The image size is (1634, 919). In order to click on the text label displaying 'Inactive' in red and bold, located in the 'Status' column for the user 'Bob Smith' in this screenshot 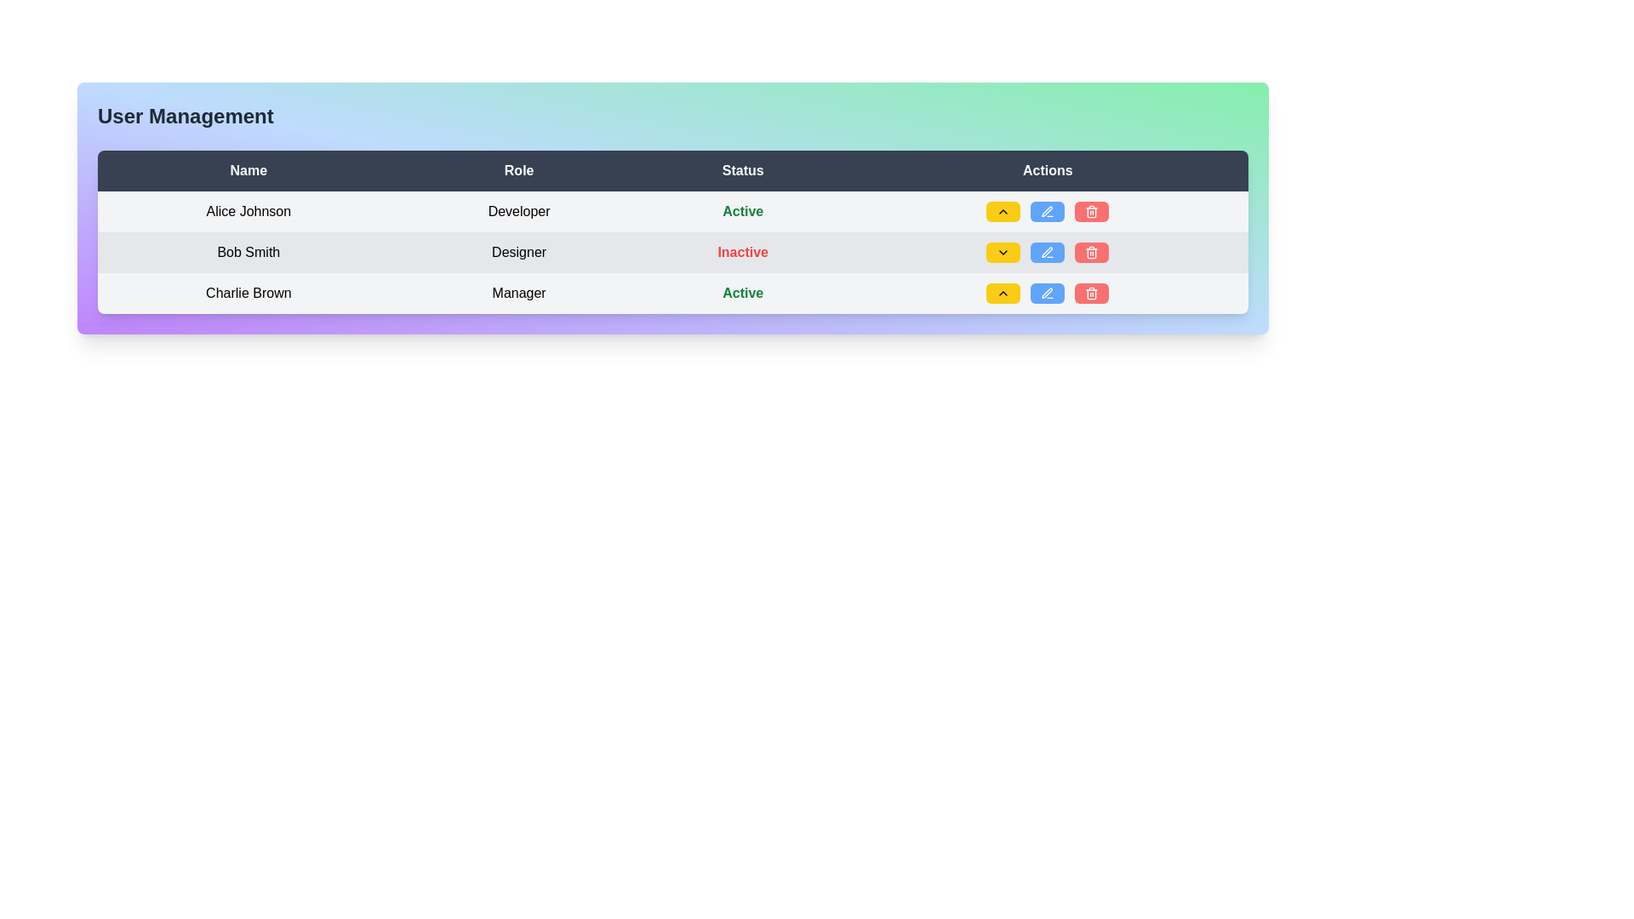, I will do `click(743, 252)`.